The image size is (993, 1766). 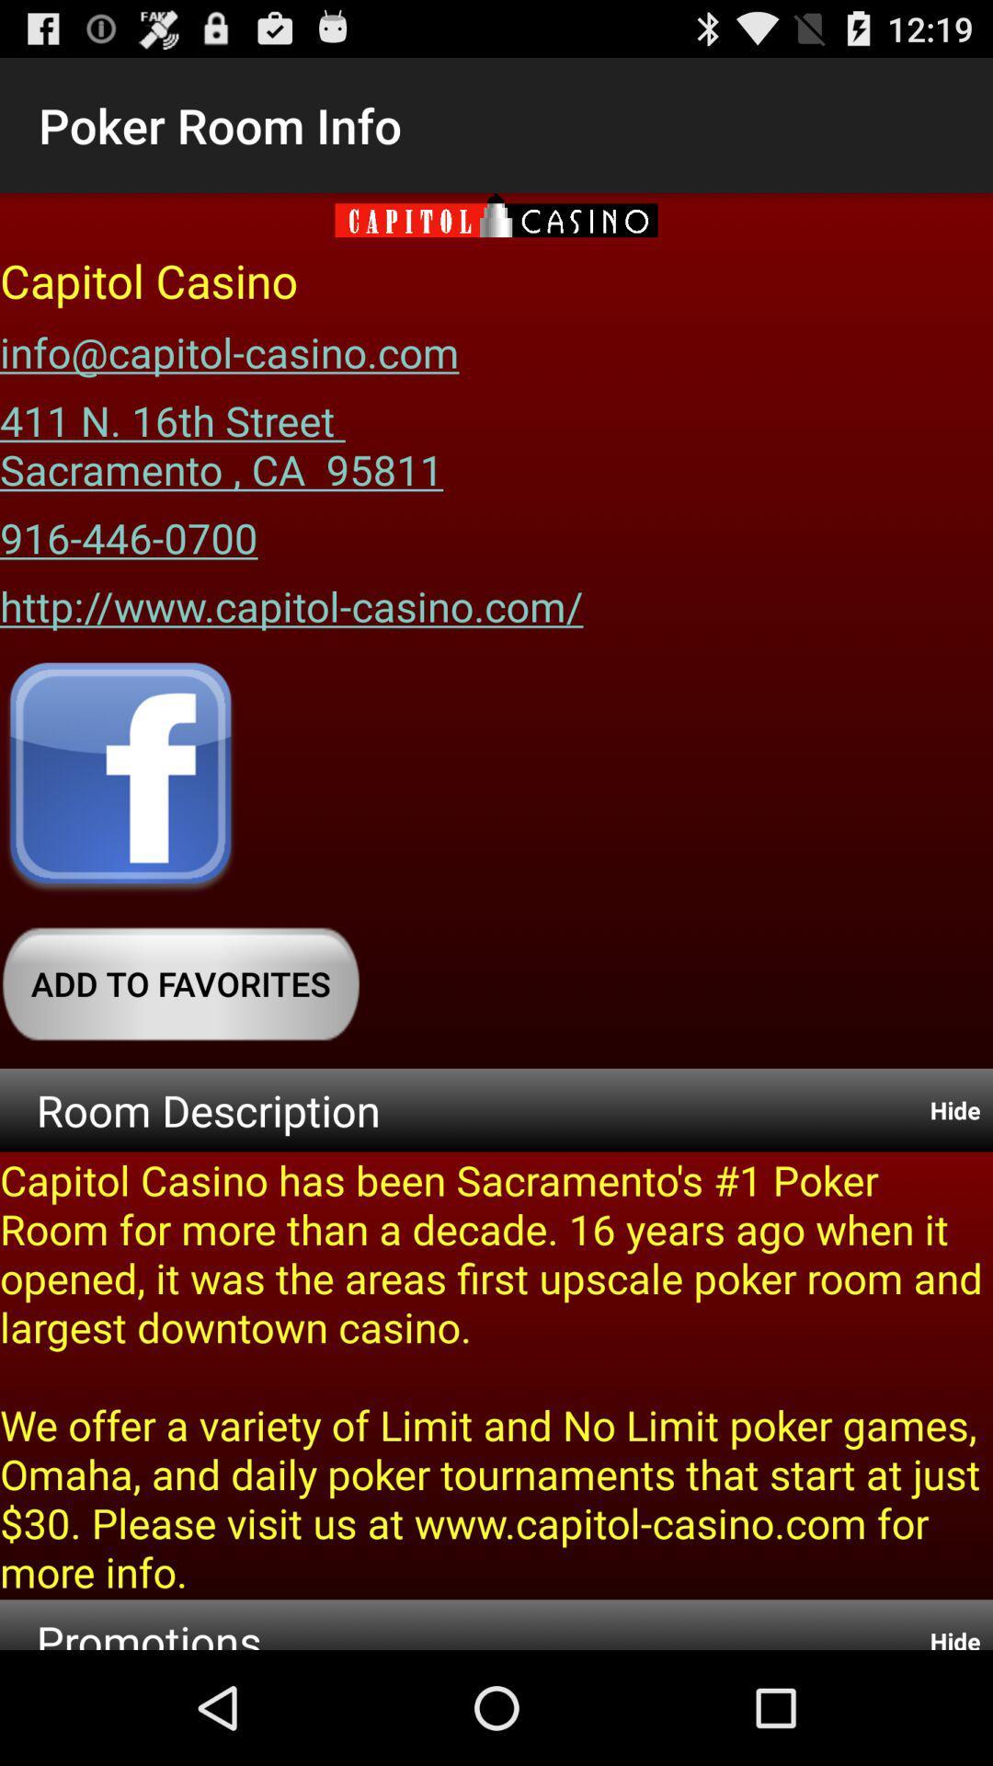 What do you see at coordinates (128, 530) in the screenshot?
I see `the item above http www capitol icon` at bounding box center [128, 530].